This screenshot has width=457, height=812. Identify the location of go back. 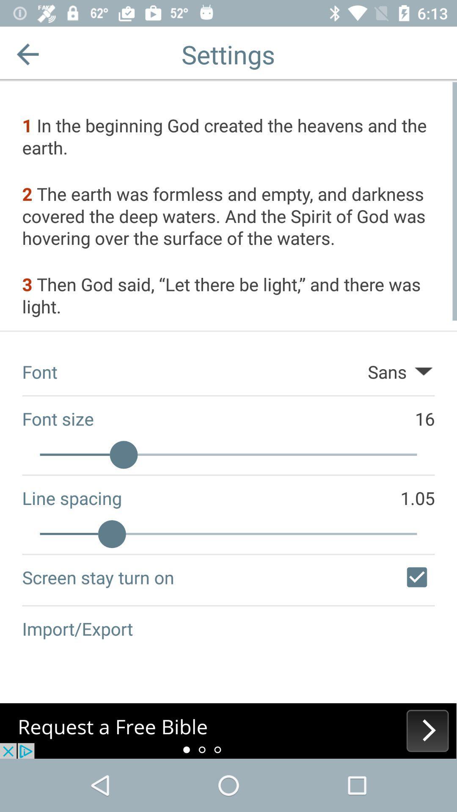
(27, 54).